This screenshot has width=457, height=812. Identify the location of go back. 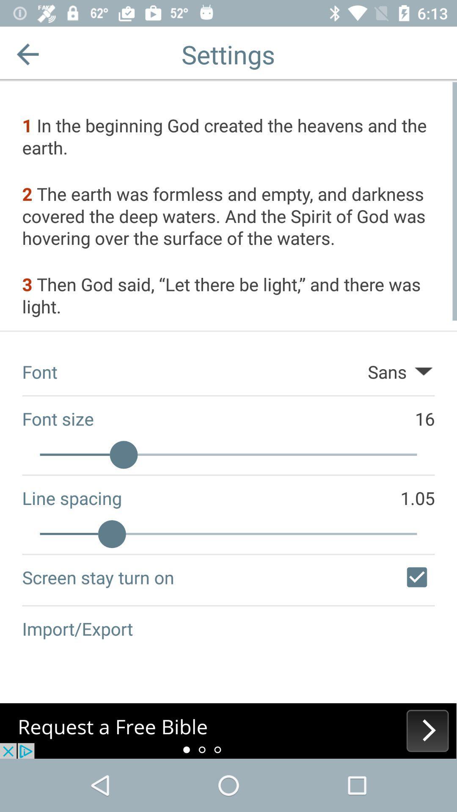
(27, 54).